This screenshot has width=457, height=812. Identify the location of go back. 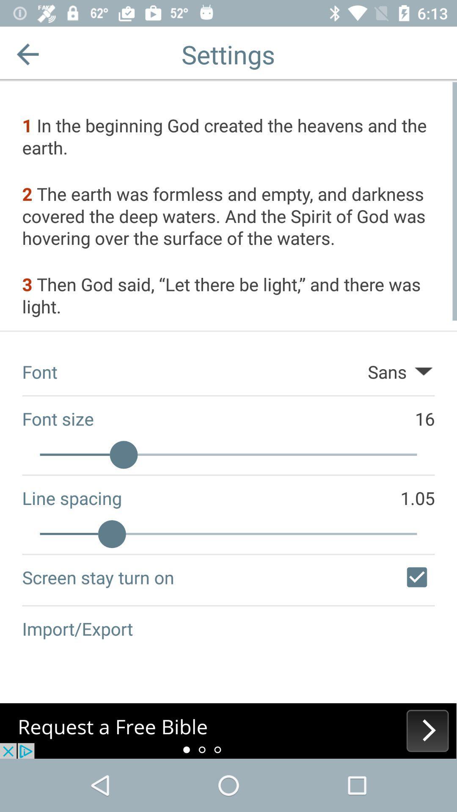
(27, 54).